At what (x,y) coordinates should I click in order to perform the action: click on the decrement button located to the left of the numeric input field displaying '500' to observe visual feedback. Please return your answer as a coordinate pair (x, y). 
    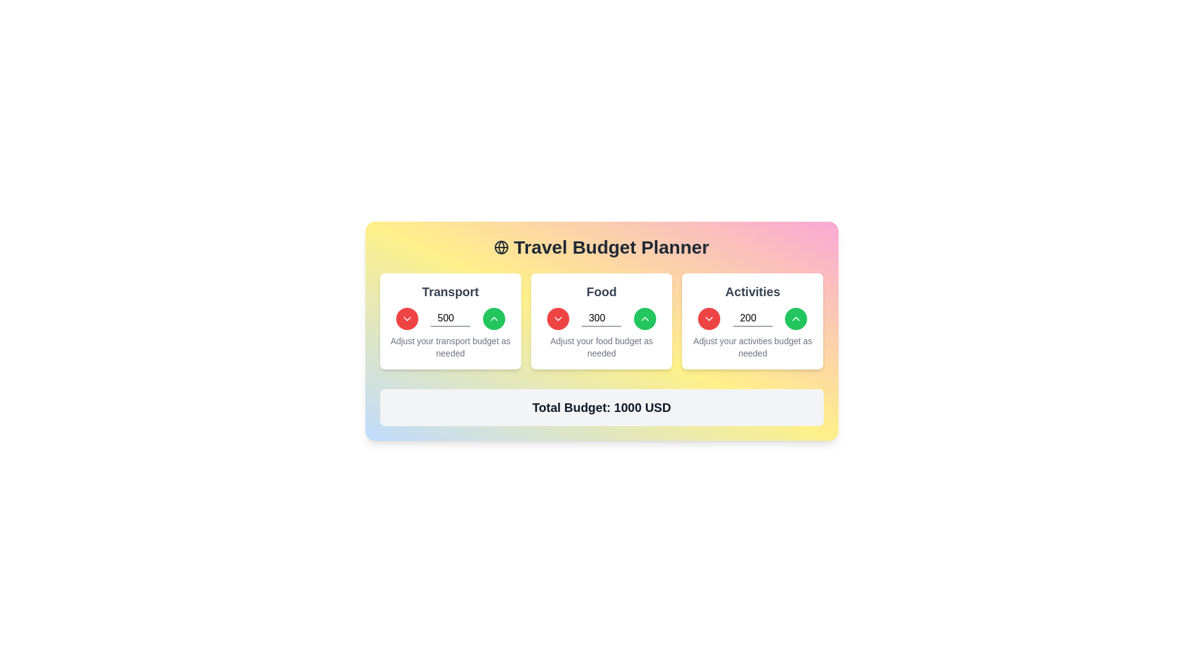
    Looking at the image, I should click on (407, 318).